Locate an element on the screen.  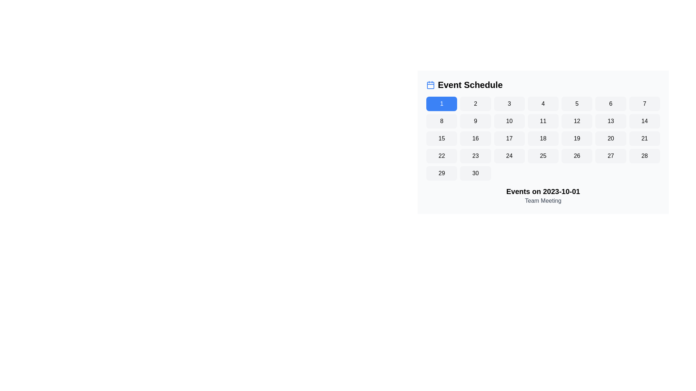
the button labeled '5' which has a gray background and black centered text is located at coordinates (576, 104).